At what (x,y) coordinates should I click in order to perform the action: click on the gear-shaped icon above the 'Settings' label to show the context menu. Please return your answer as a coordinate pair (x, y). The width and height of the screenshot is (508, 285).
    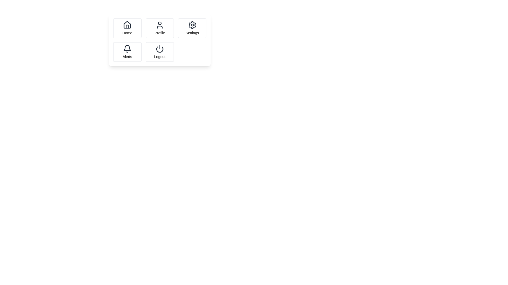
    Looking at the image, I should click on (192, 25).